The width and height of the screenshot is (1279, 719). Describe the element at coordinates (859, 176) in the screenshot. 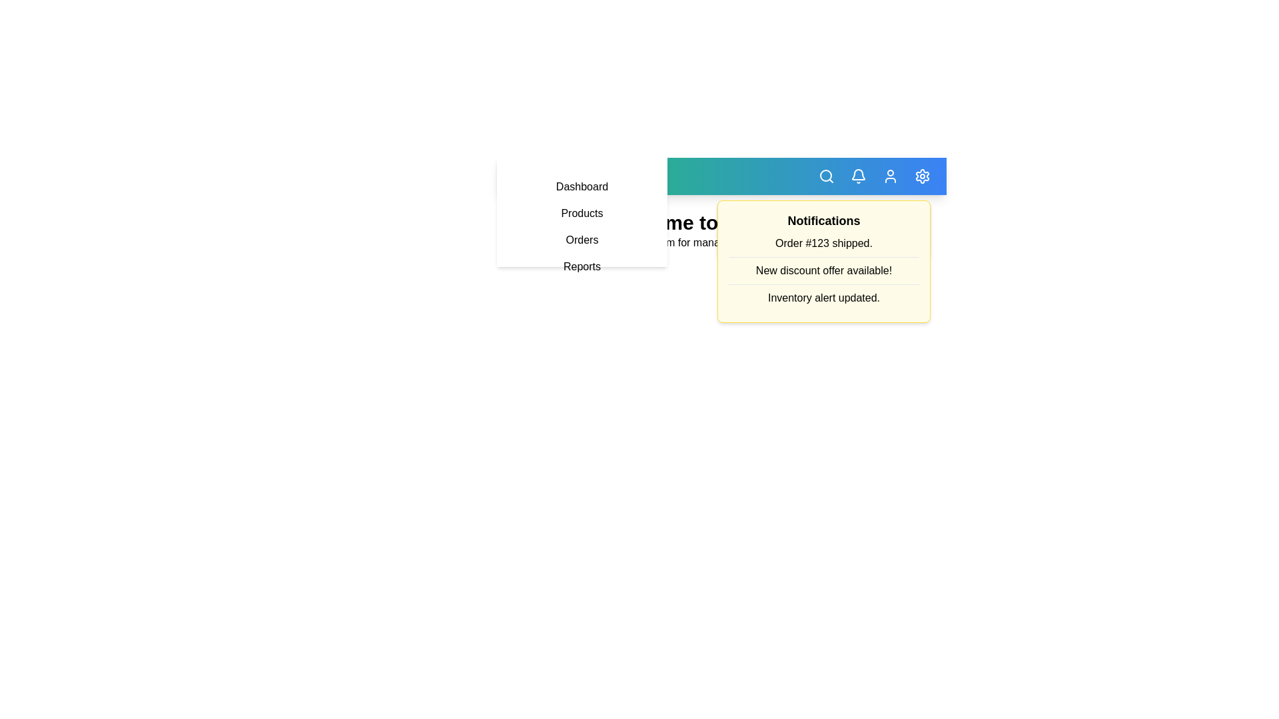

I see `the notification button icon, which is the third icon from the left in the top-right corner of the interface` at that location.